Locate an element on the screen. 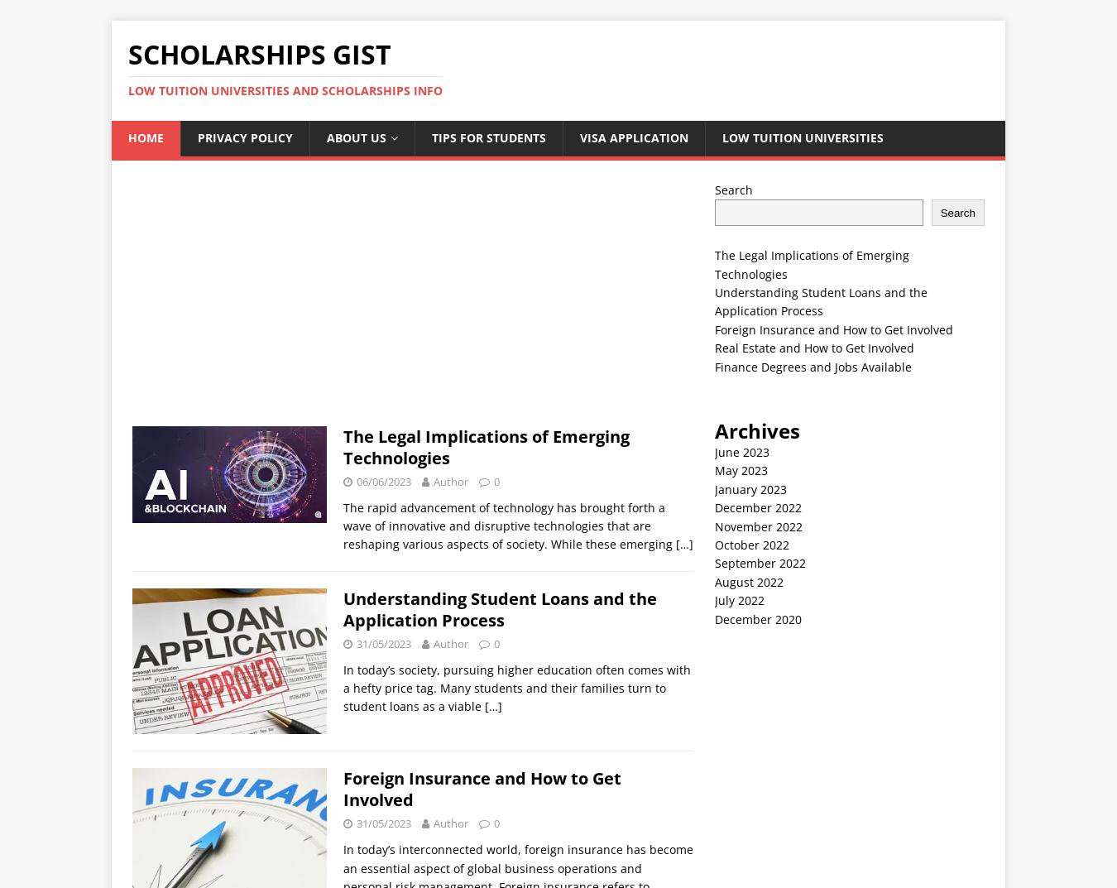 The image size is (1117, 888). 'September 2022' is located at coordinates (714, 563).